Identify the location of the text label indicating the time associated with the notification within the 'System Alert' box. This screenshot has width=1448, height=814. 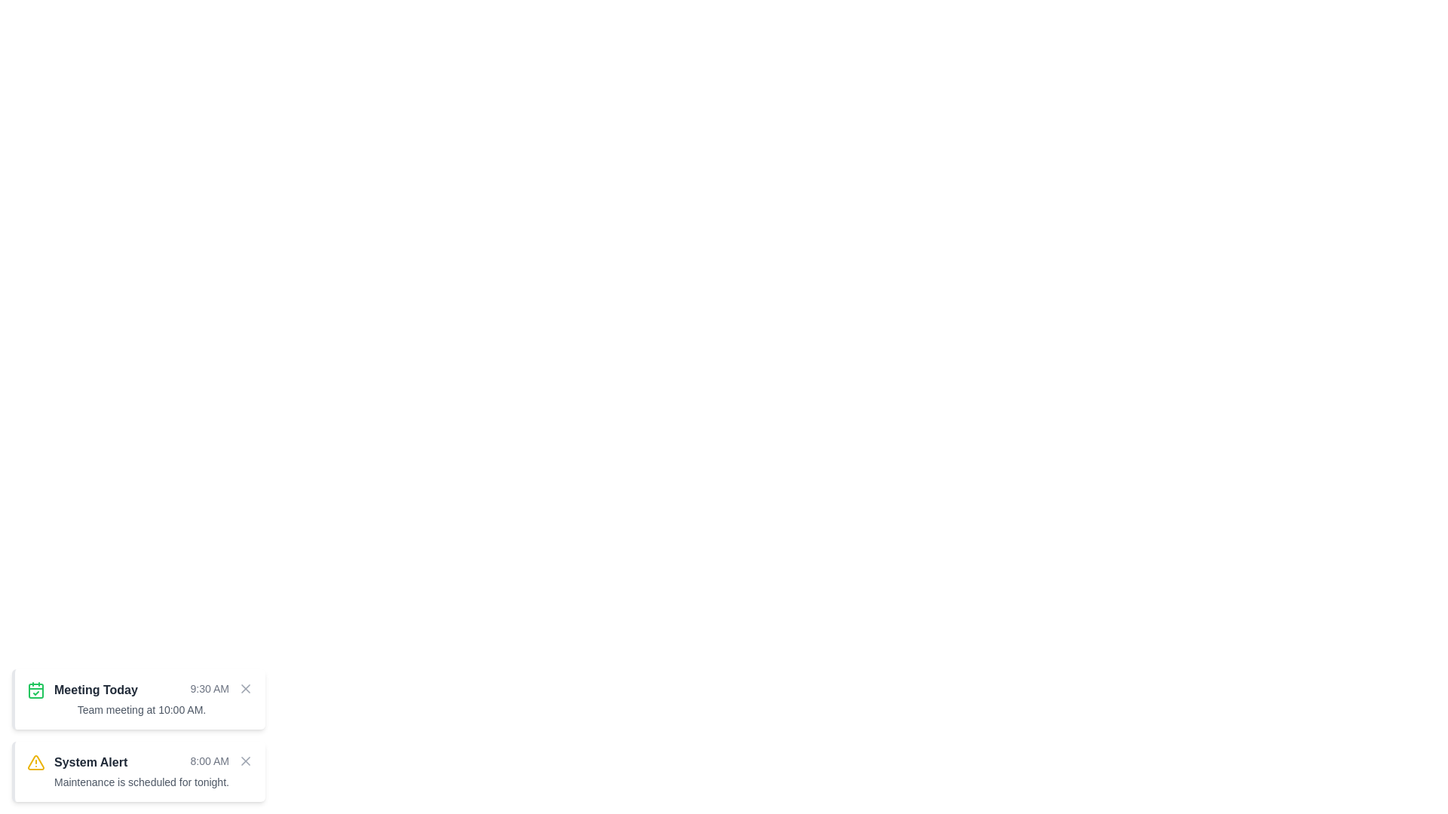
(209, 762).